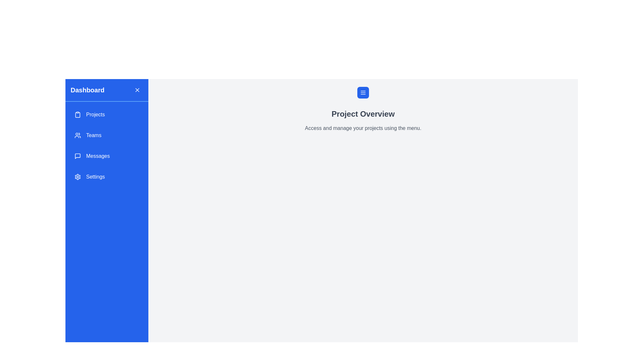  Describe the element at coordinates (107, 156) in the screenshot. I see `the third navigation button in the menu located between the 'Teams' and 'Settings' items` at that location.